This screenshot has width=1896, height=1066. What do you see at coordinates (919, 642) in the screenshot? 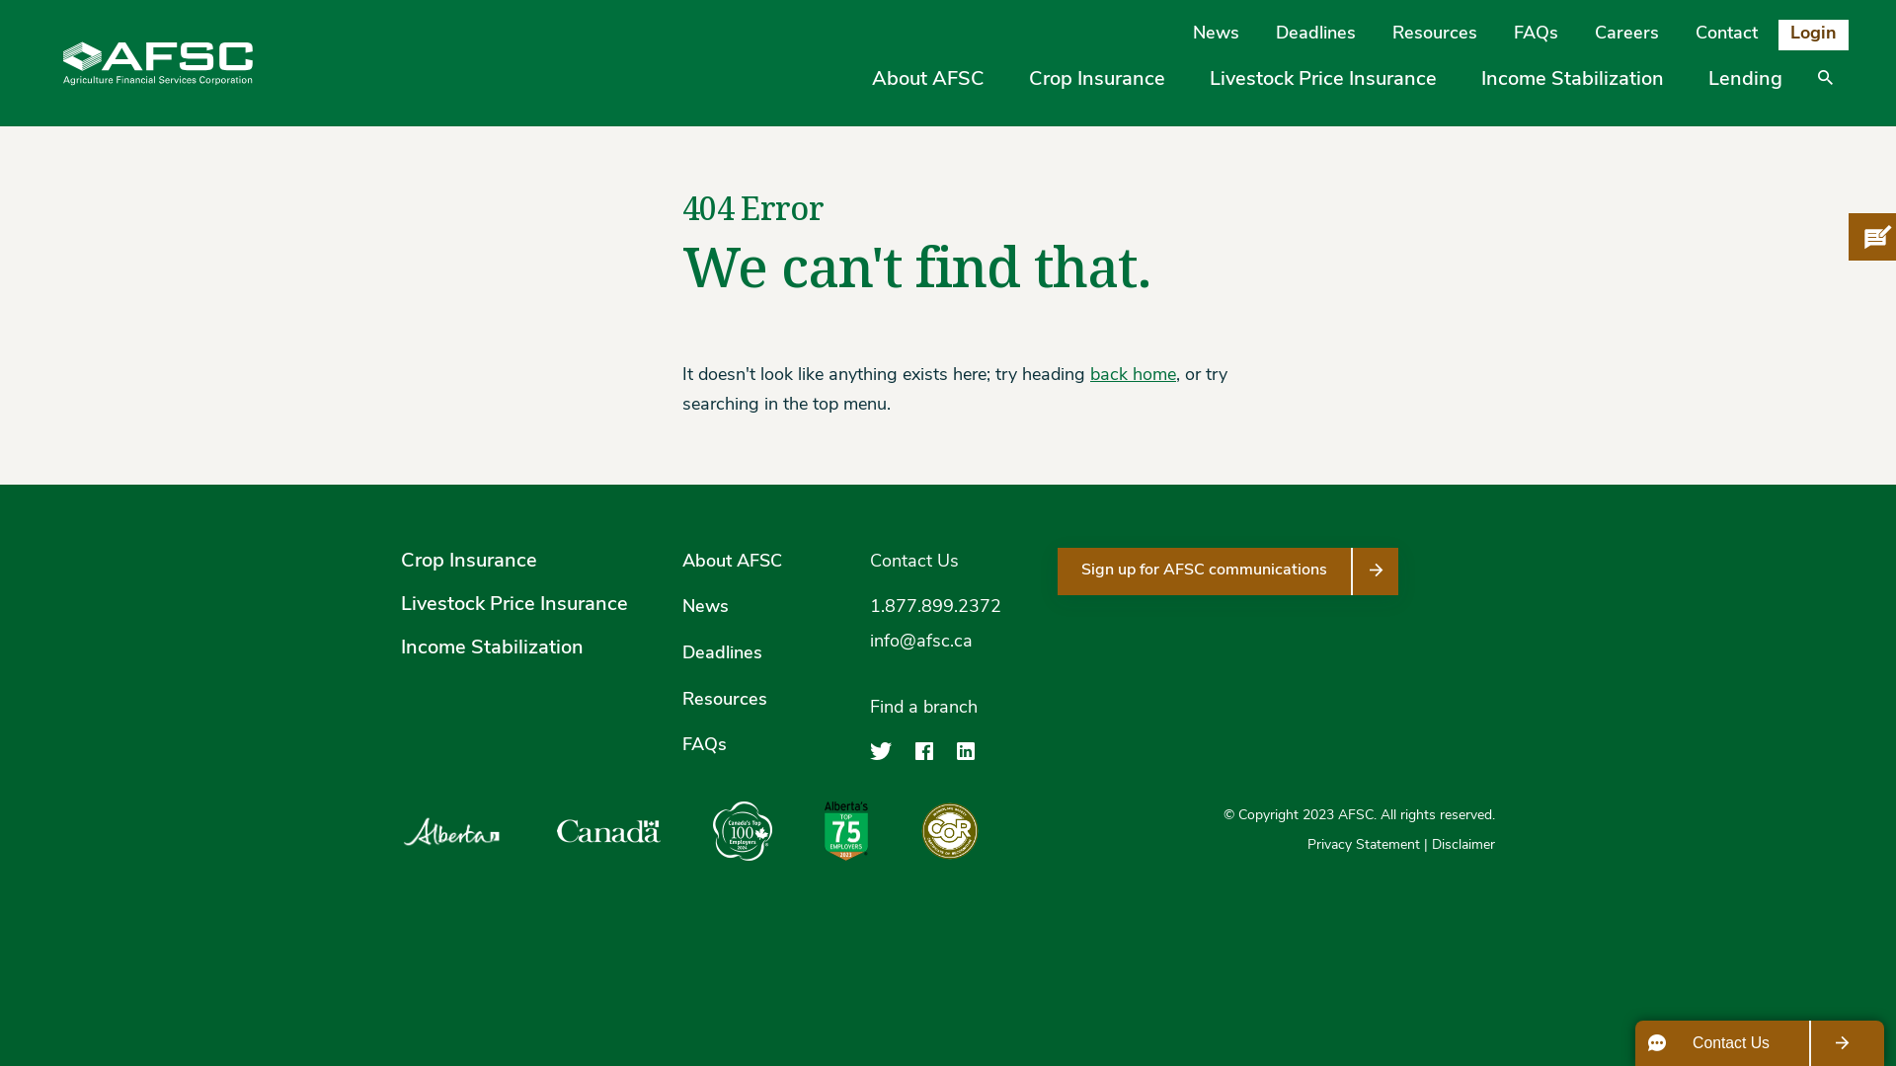
I see `'info@afsc.ca'` at bounding box center [919, 642].